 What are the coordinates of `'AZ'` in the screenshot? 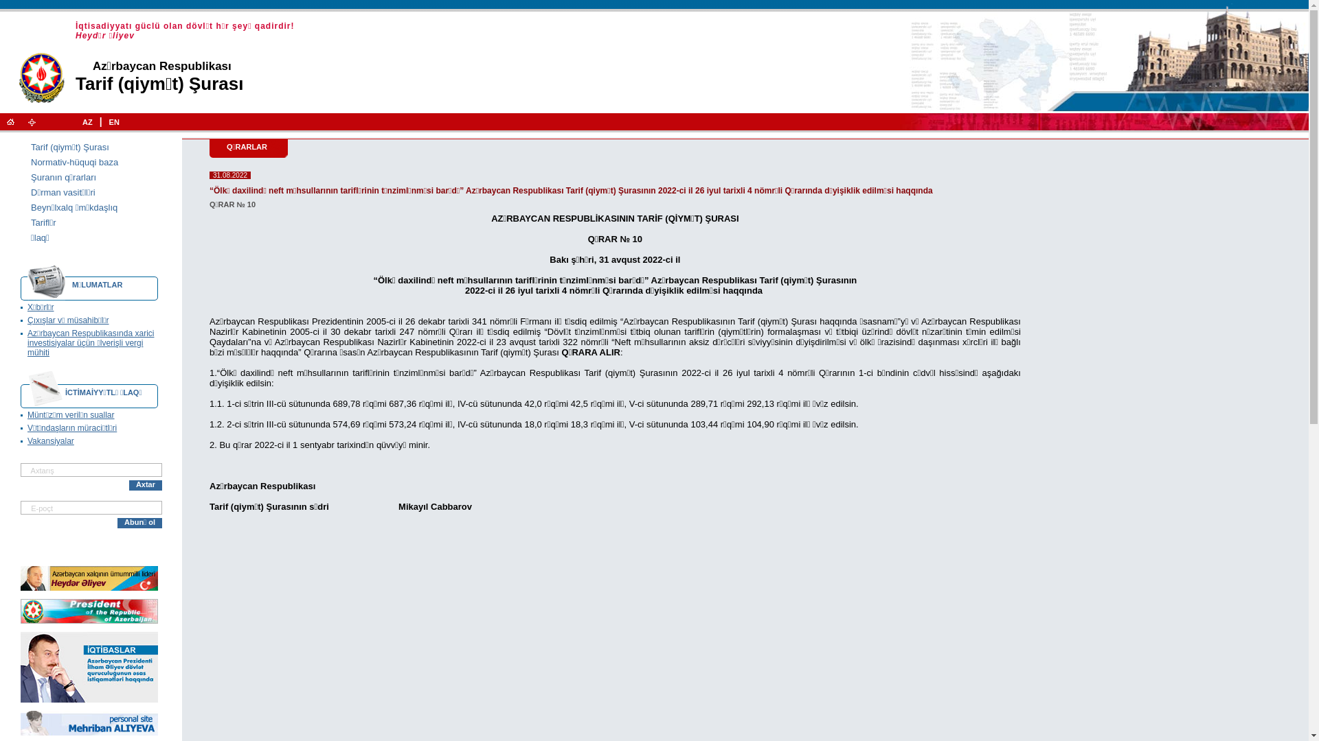 It's located at (87, 121).